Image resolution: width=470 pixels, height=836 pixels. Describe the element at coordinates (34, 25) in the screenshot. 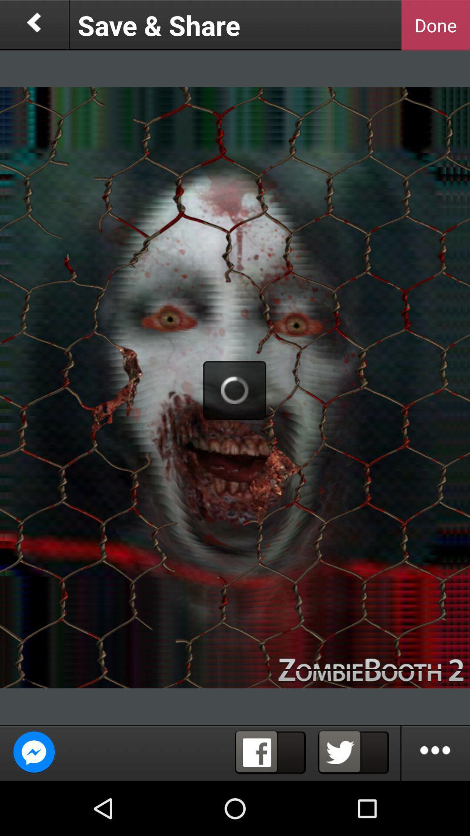

I see `previous` at that location.